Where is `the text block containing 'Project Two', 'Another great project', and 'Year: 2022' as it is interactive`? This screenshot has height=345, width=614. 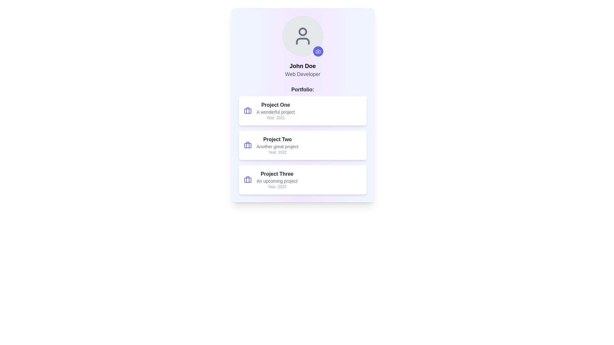
the text block containing 'Project Two', 'Another great project', and 'Year: 2022' as it is interactive is located at coordinates (277, 145).